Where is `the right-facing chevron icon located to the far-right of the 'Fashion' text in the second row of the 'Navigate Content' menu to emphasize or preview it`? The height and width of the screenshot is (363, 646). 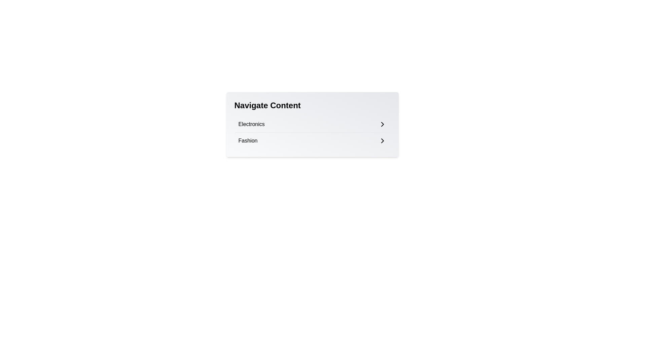
the right-facing chevron icon located to the far-right of the 'Fashion' text in the second row of the 'Navigate Content' menu to emphasize or preview it is located at coordinates (382, 140).